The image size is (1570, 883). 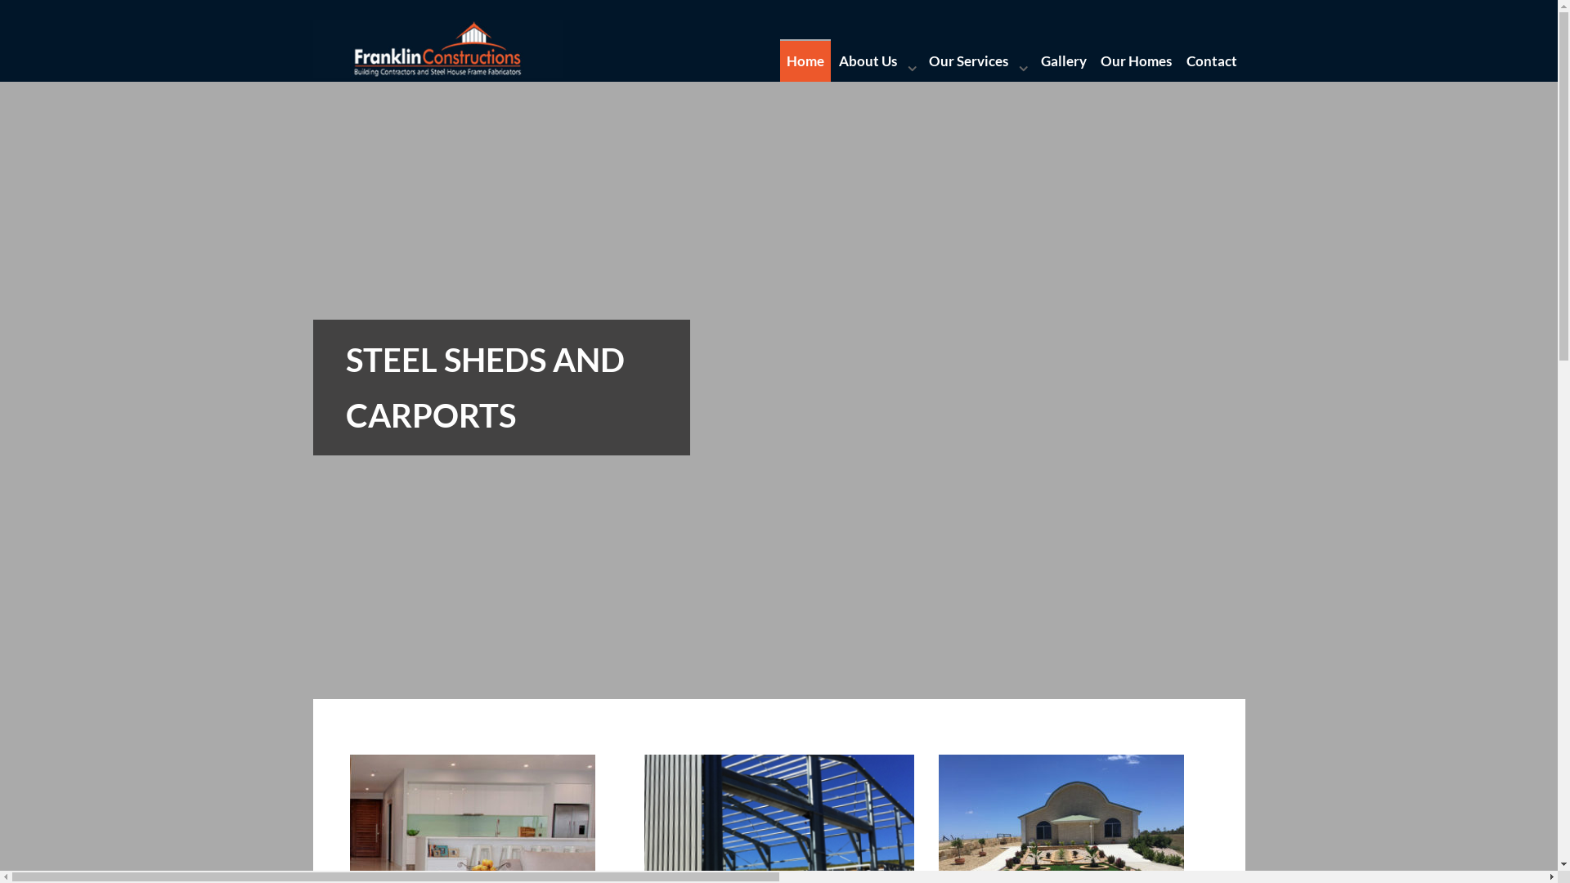 What do you see at coordinates (777, 552) in the screenshot?
I see `'STEEL HOMES AND` at bounding box center [777, 552].